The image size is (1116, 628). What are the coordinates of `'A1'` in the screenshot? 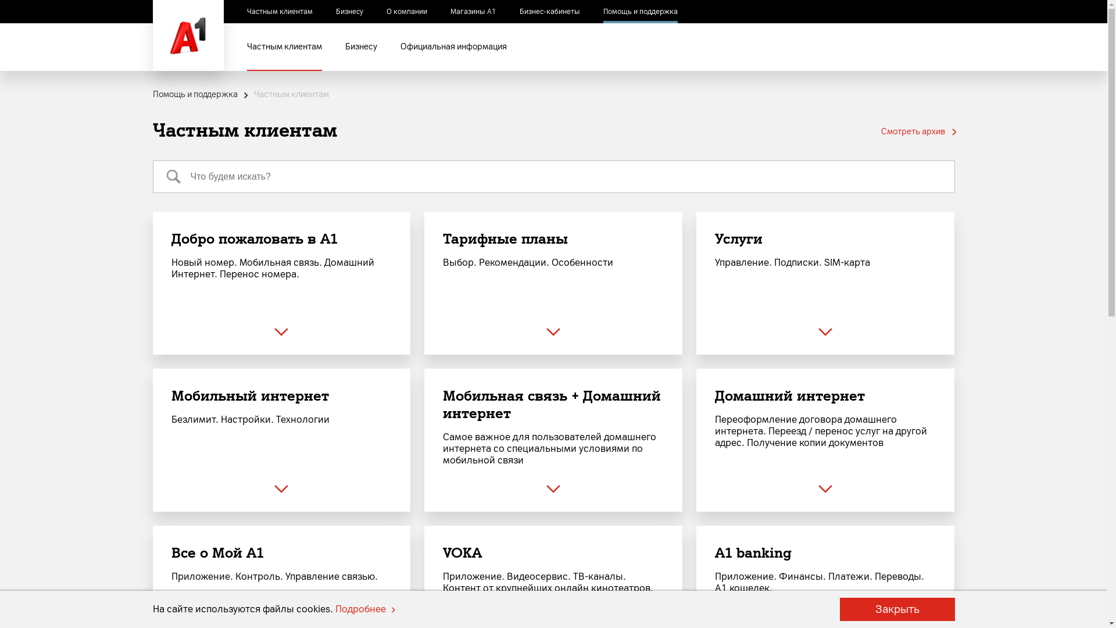 It's located at (187, 35).